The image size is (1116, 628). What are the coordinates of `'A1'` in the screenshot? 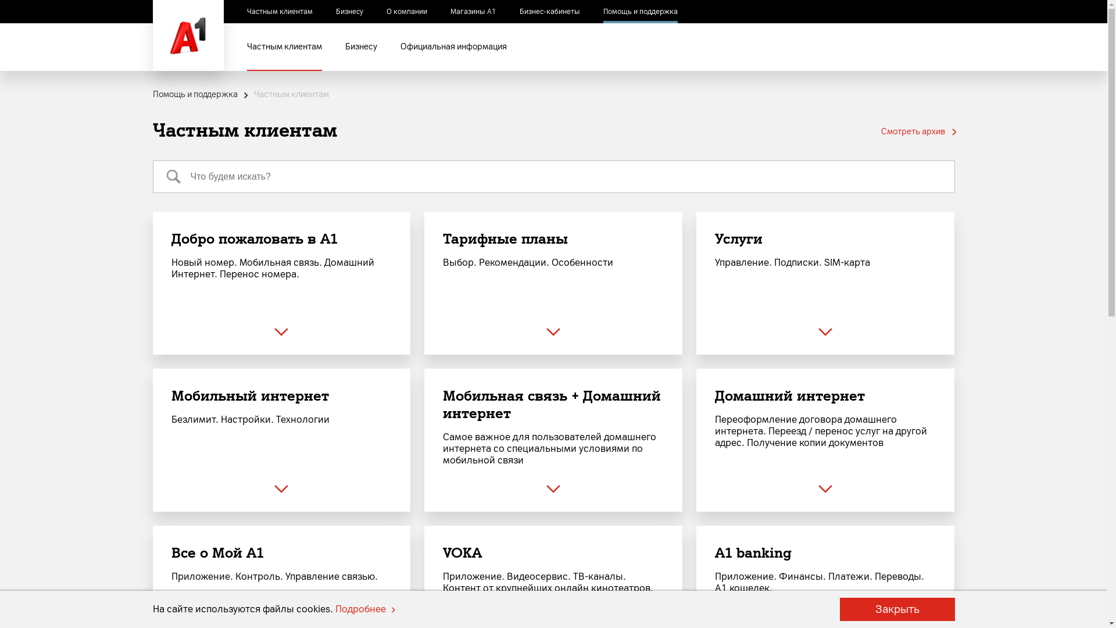 It's located at (187, 35).